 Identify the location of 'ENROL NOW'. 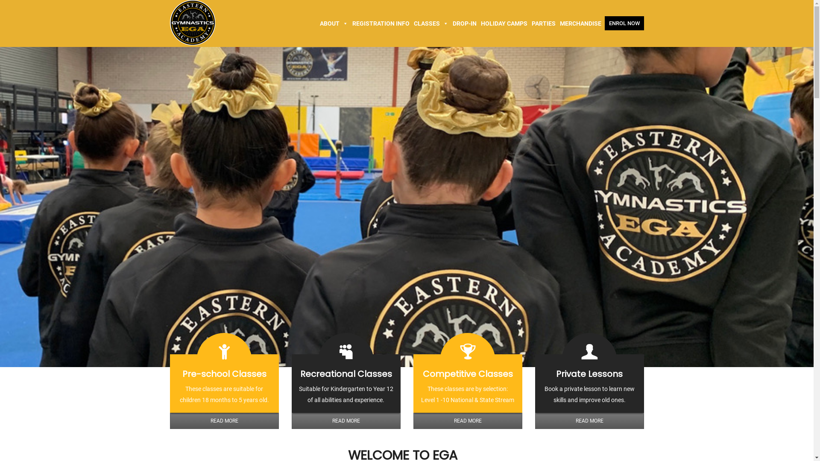
(624, 23).